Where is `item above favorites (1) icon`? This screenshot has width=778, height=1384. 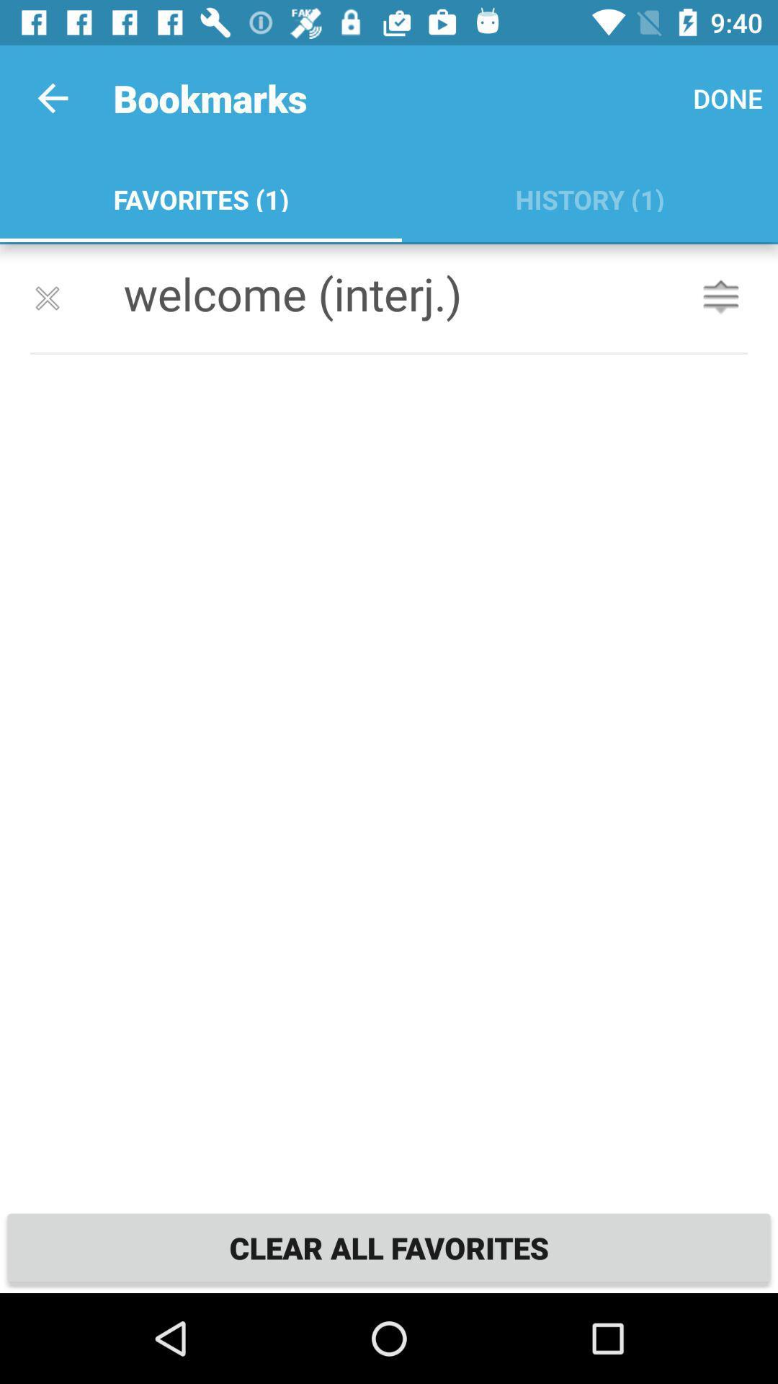 item above favorites (1) icon is located at coordinates (52, 97).